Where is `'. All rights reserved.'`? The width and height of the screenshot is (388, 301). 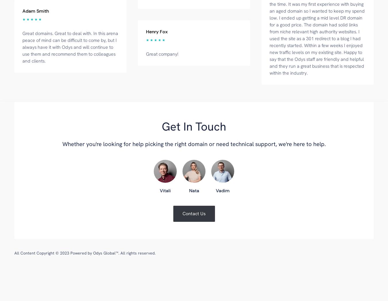 '. All rights reserved.' is located at coordinates (137, 253).